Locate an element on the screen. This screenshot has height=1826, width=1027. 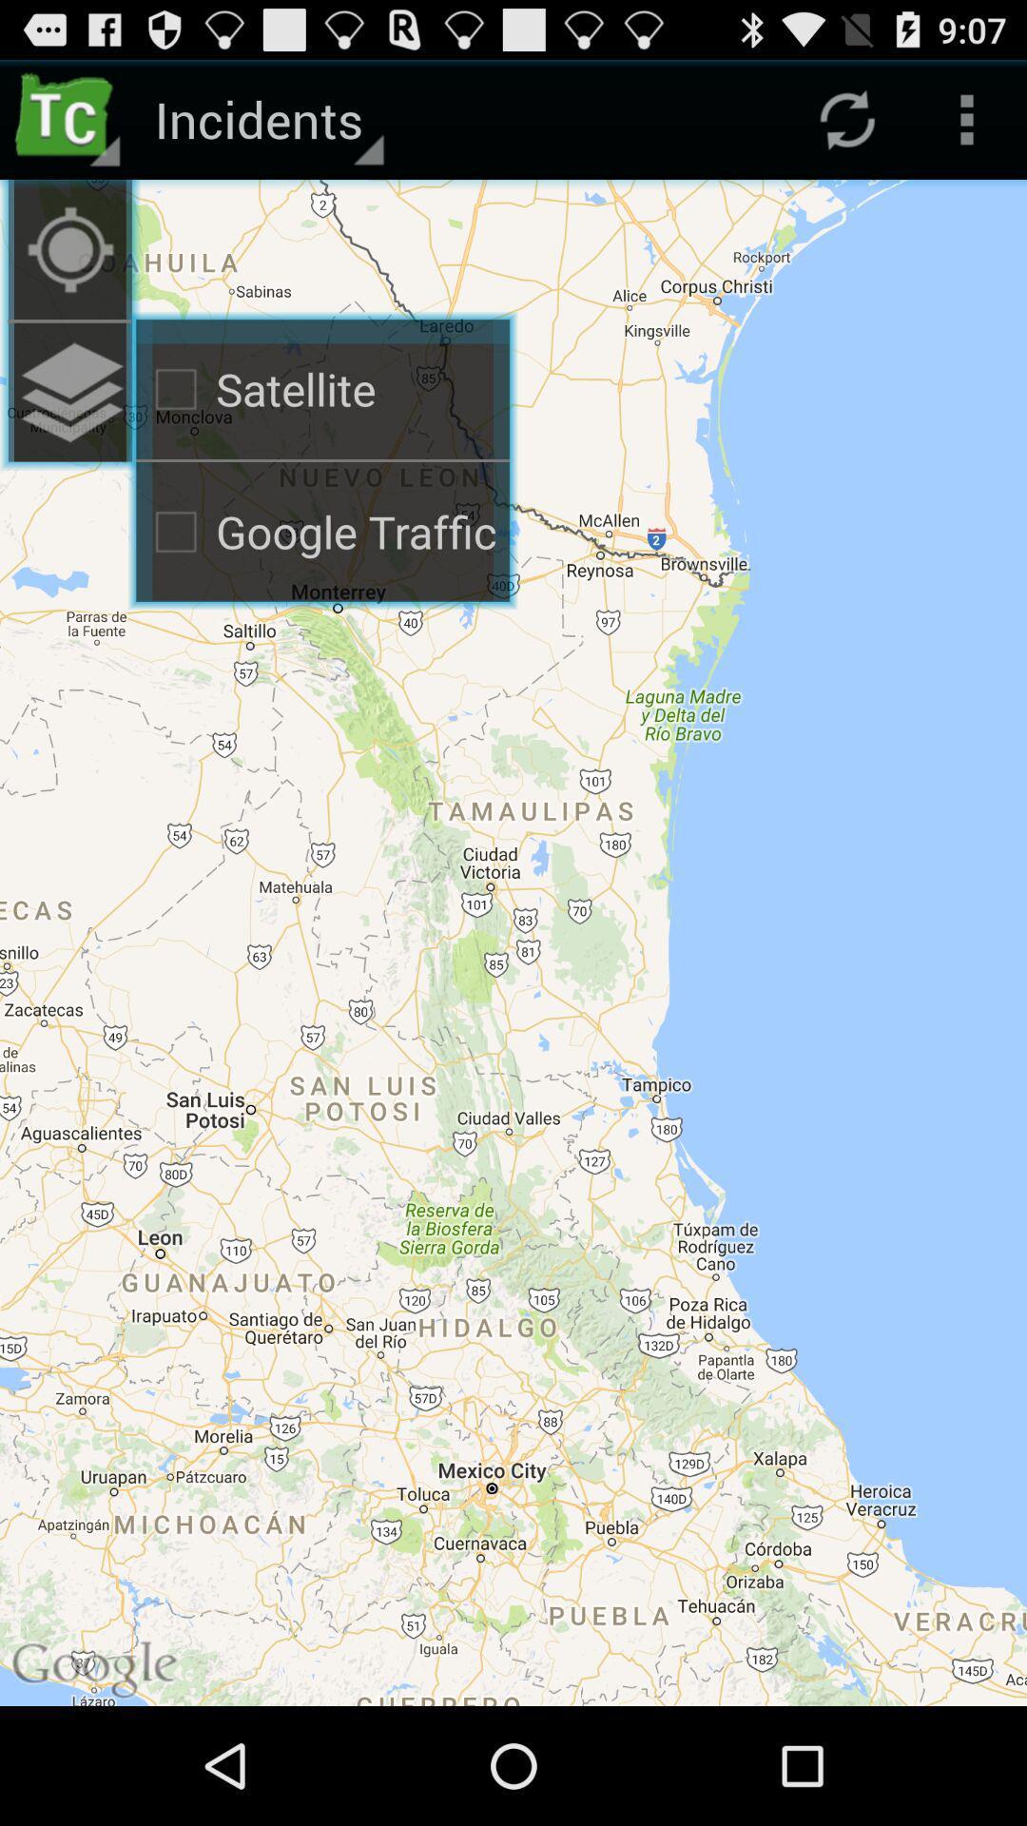
the more icon is located at coordinates (967, 126).